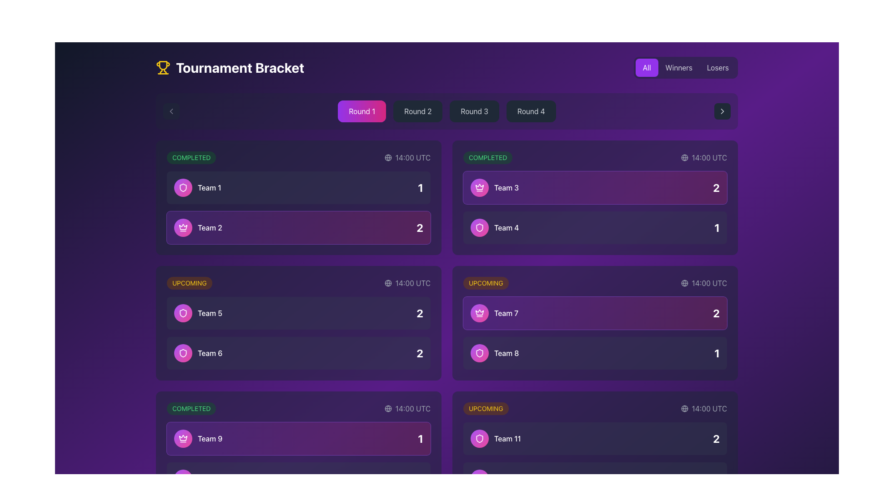  What do you see at coordinates (183, 313) in the screenshot?
I see `the icon representing 'Team 6', which is a visual indicator located immediately to the left of the team name in the 'Upcoming' category` at bounding box center [183, 313].